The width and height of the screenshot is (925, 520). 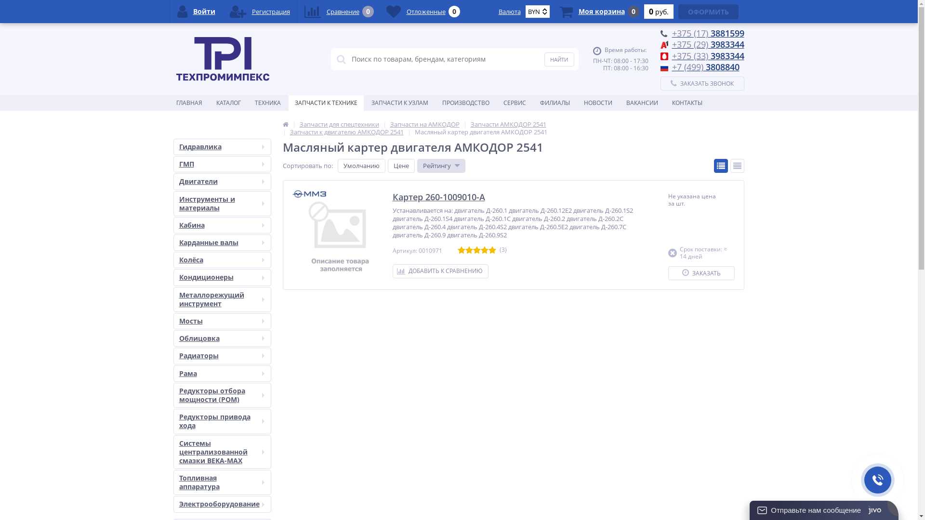 What do you see at coordinates (485, 250) in the screenshot?
I see `'4'` at bounding box center [485, 250].